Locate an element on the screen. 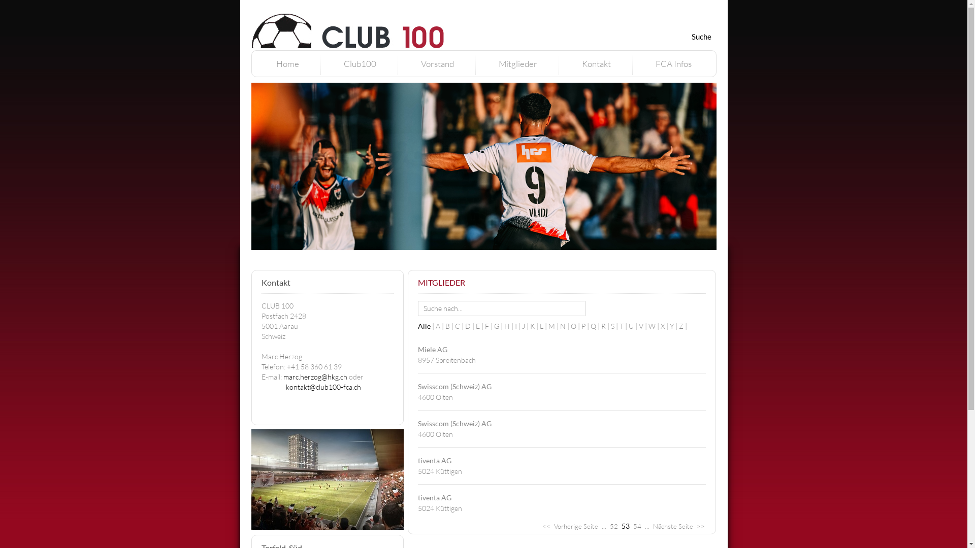  'D' is located at coordinates (470, 326).